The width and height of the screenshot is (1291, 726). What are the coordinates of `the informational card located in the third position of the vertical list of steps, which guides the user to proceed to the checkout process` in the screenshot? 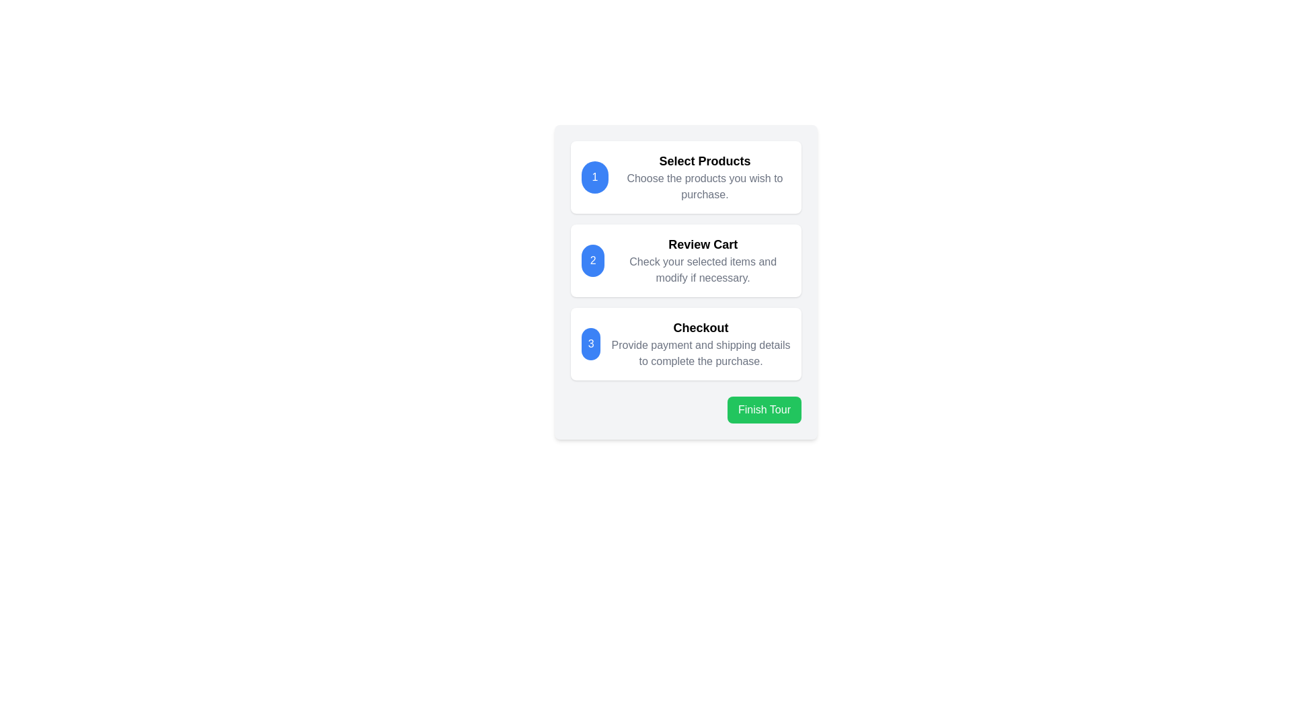 It's located at (686, 344).